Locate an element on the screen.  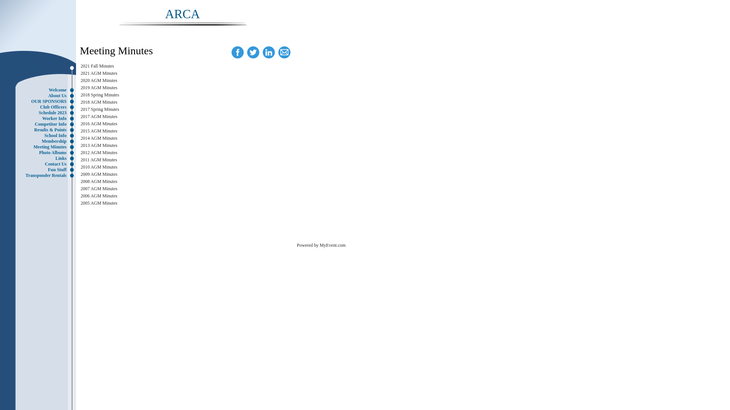
'2005 AGM Minutes' is located at coordinates (98, 203).